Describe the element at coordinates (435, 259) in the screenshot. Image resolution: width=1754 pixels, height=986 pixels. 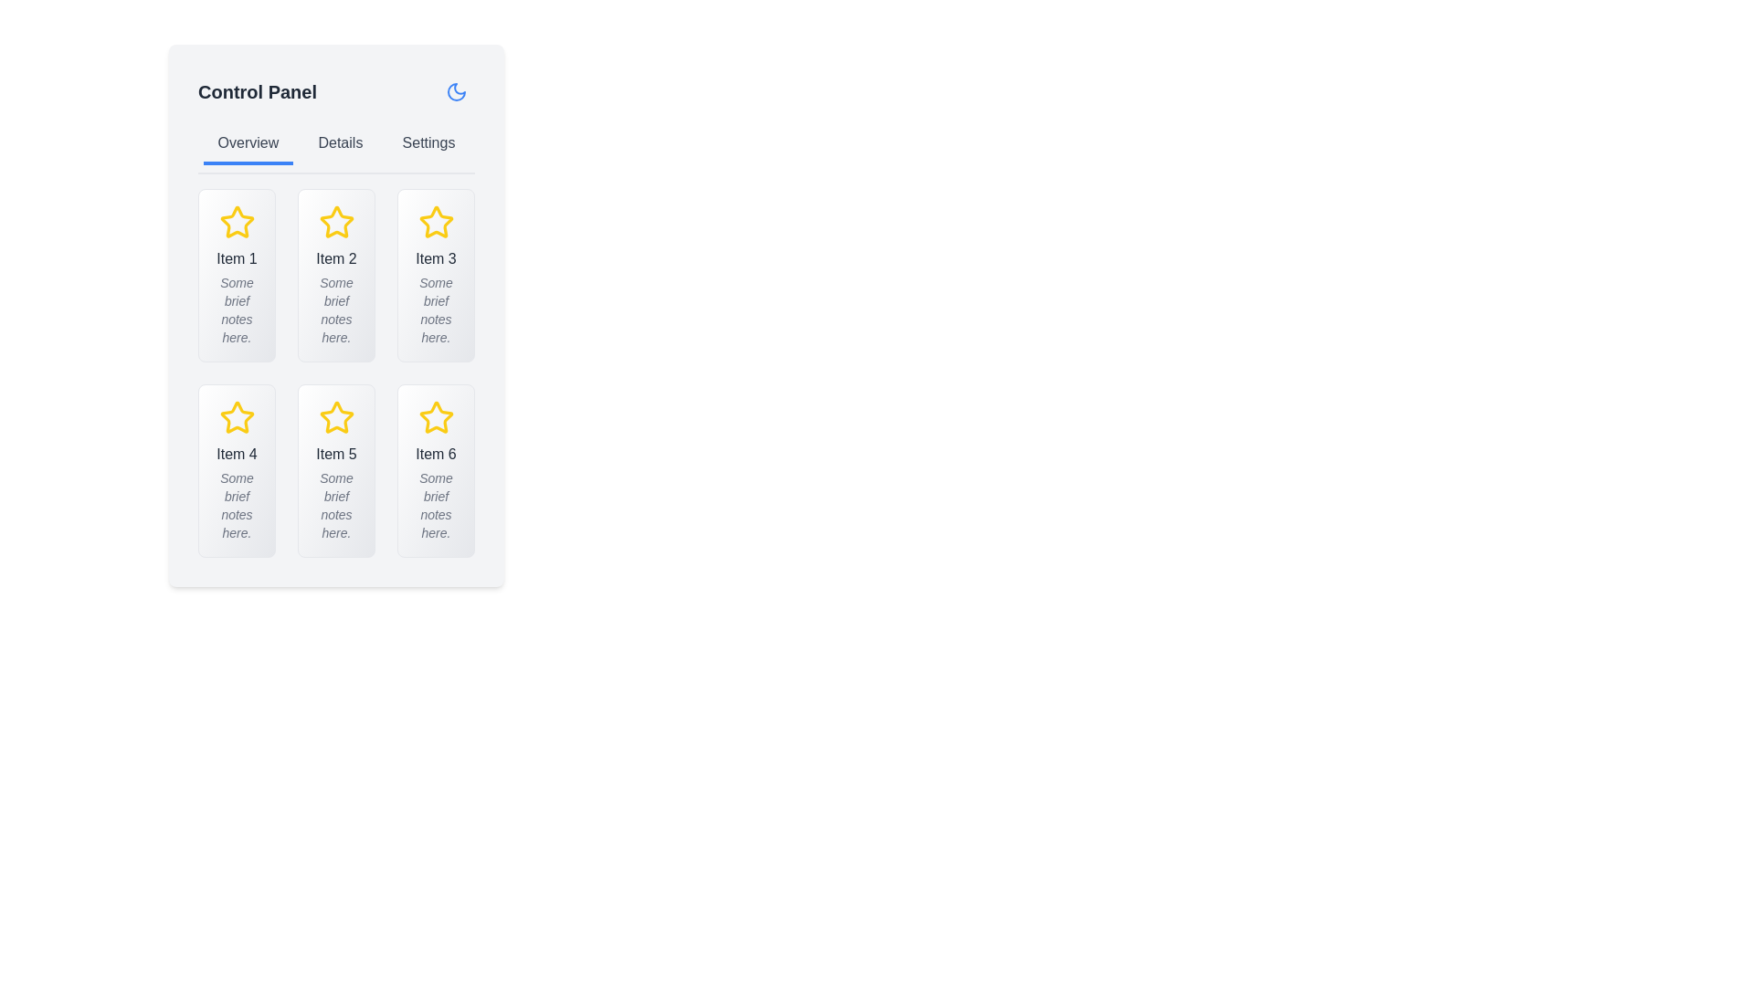
I see `the Text Label that serves as a descriptive identifier for the third item in the grid, positioned in the top row, third column, directly below a star icon` at that location.